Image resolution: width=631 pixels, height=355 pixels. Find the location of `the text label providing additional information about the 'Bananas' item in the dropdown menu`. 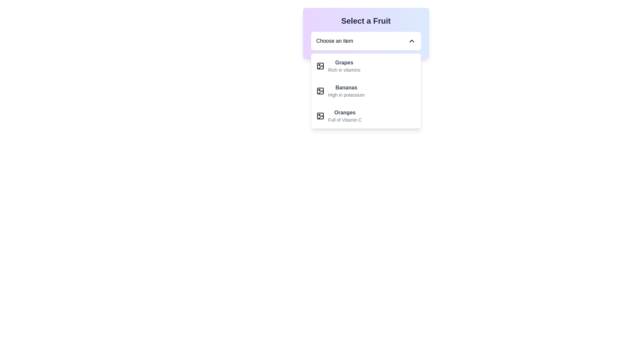

the text label providing additional information about the 'Bananas' item in the dropdown menu is located at coordinates (346, 95).